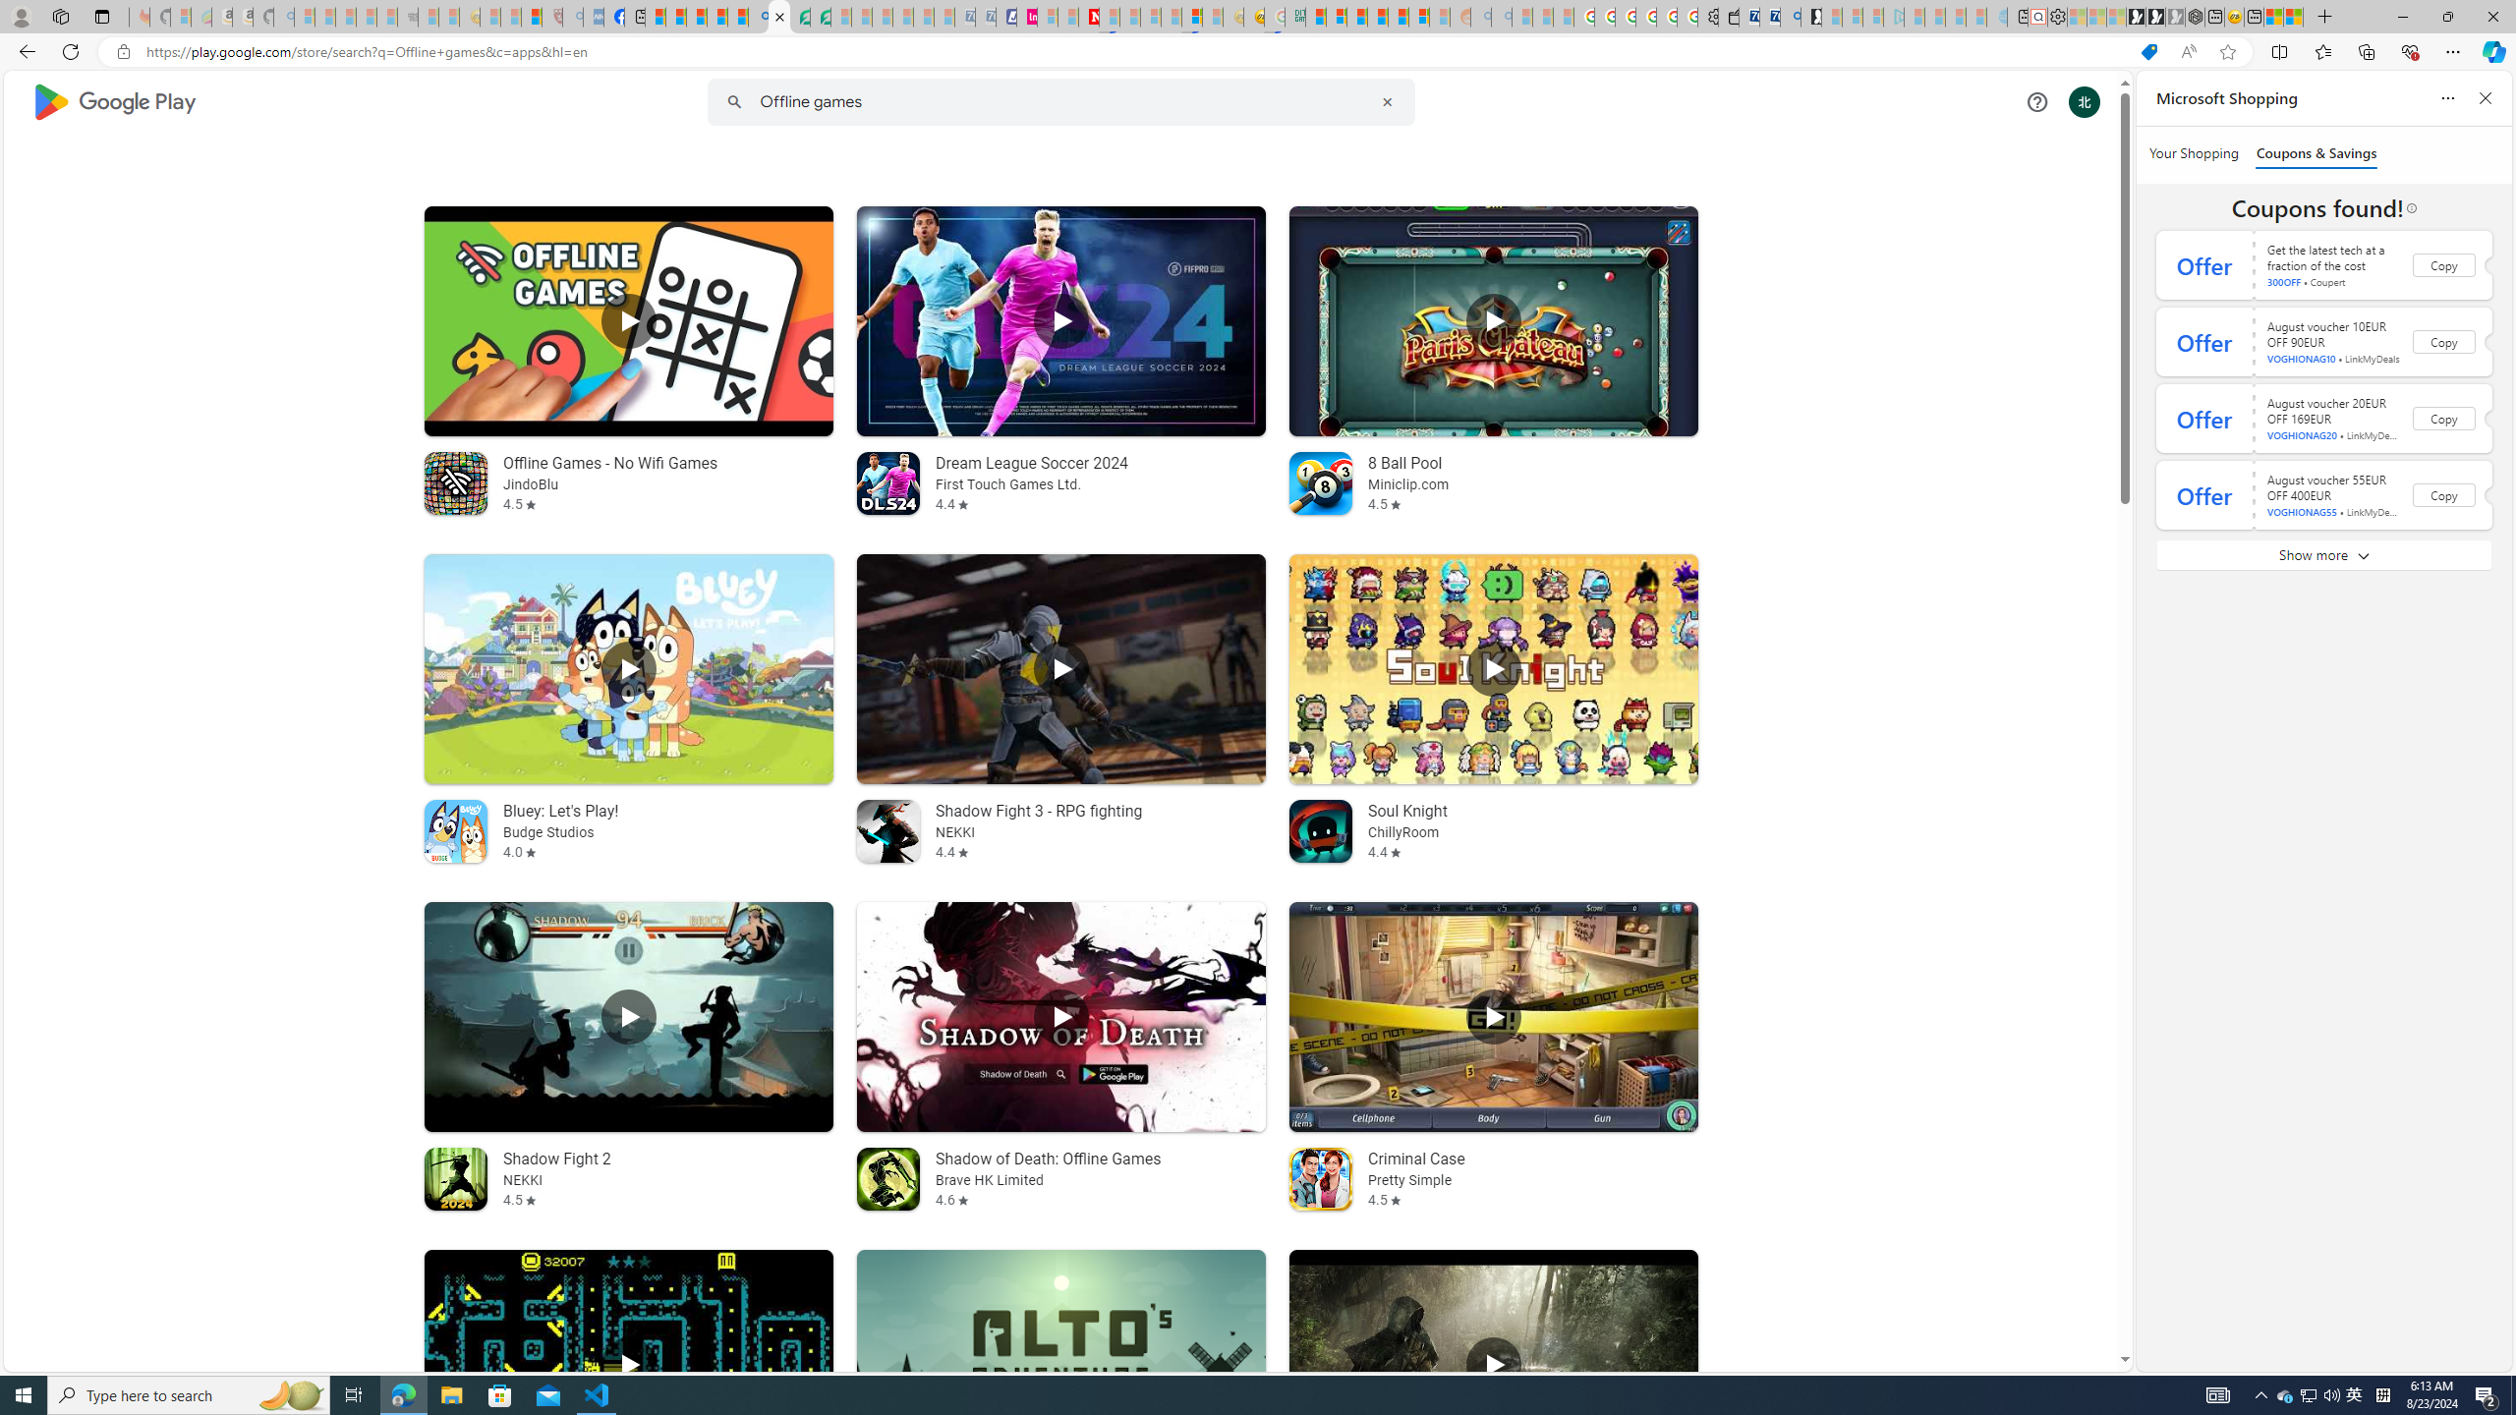 The image size is (2516, 1415). Describe the element at coordinates (1060, 319) in the screenshot. I see `'Play Dream League Soccer 2024'` at that location.